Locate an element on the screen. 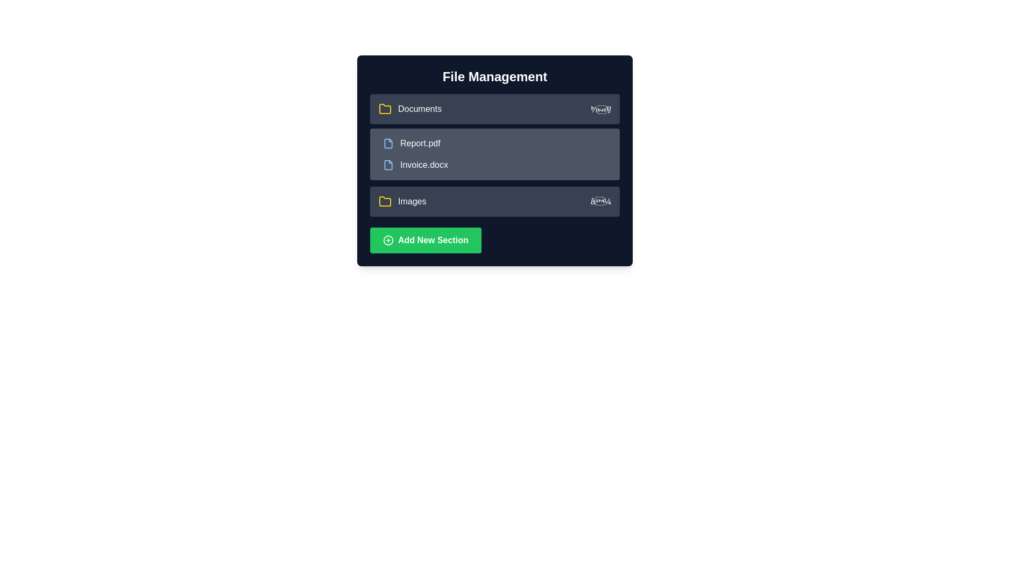  the blue file-shaped icon with a folded edge located in the second row of the file management interface, adjacent to the 'Invoice.docx' label is located at coordinates (387, 165).